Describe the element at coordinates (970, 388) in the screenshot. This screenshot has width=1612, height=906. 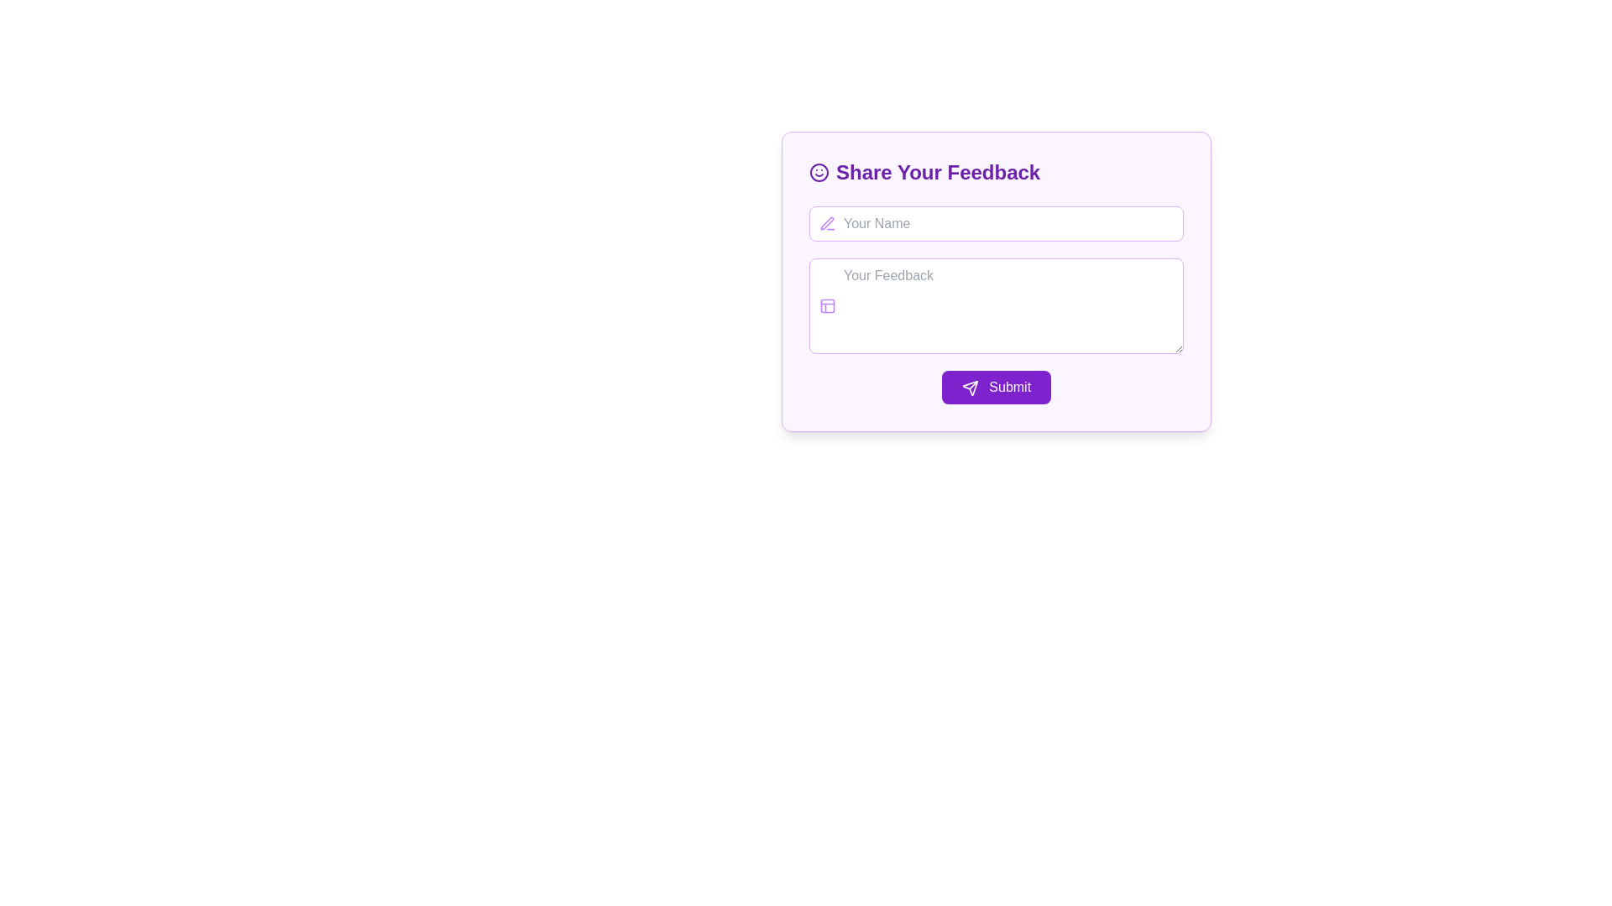
I see `the triangular arrowhead-shaped component of the 'Send' icon located within the purple-themed 'Submit' button at the bottom center of the feedback form` at that location.